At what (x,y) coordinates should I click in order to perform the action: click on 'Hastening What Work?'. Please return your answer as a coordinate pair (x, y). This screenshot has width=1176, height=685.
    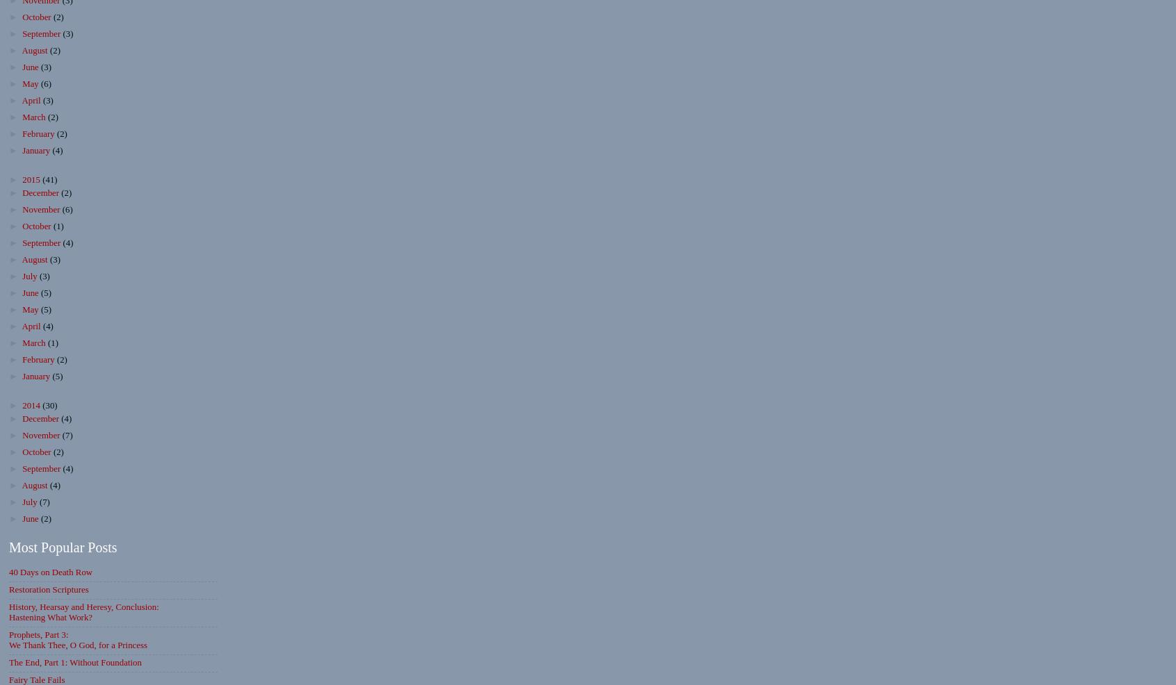
    Looking at the image, I should click on (8, 616).